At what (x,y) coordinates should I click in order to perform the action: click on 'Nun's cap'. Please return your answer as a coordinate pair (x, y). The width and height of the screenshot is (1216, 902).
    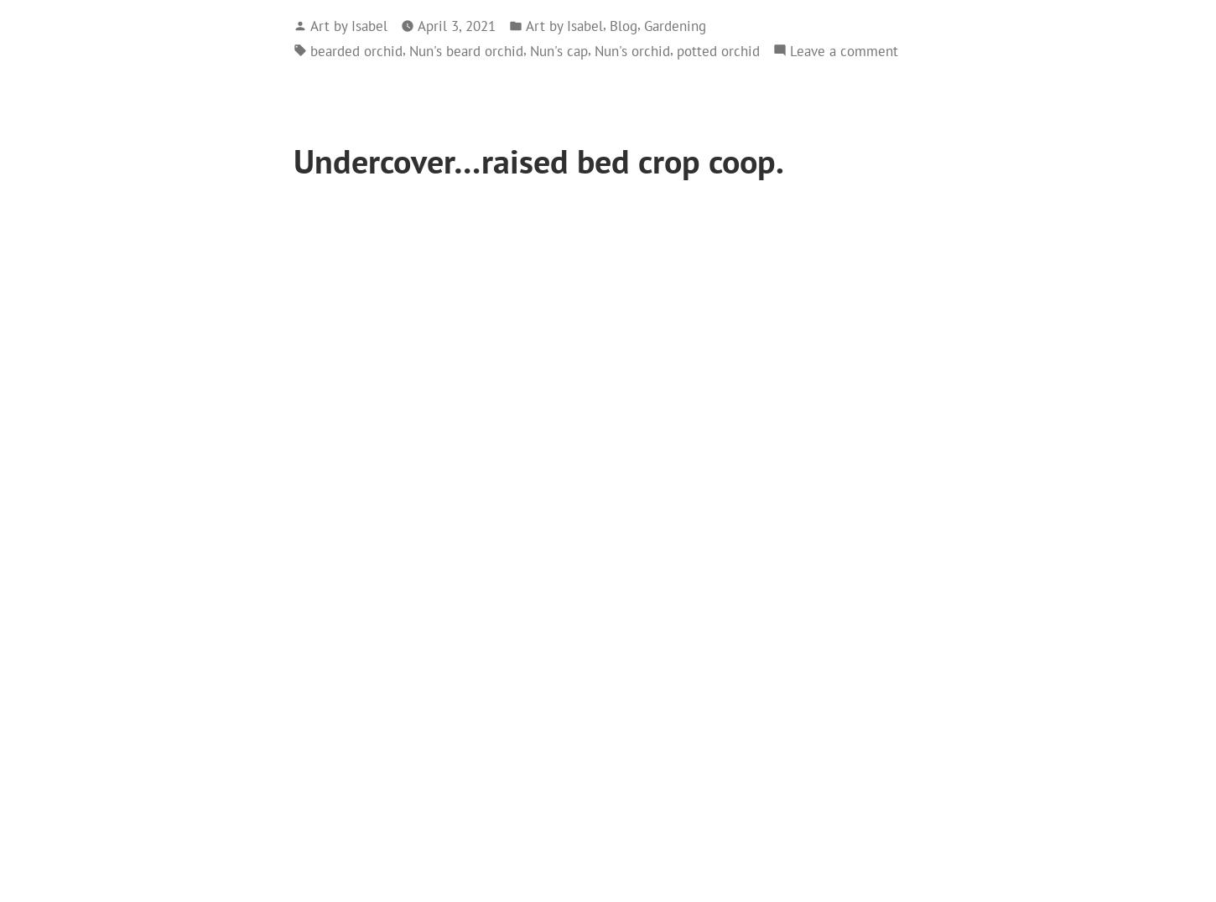
    Looking at the image, I should click on (558, 49).